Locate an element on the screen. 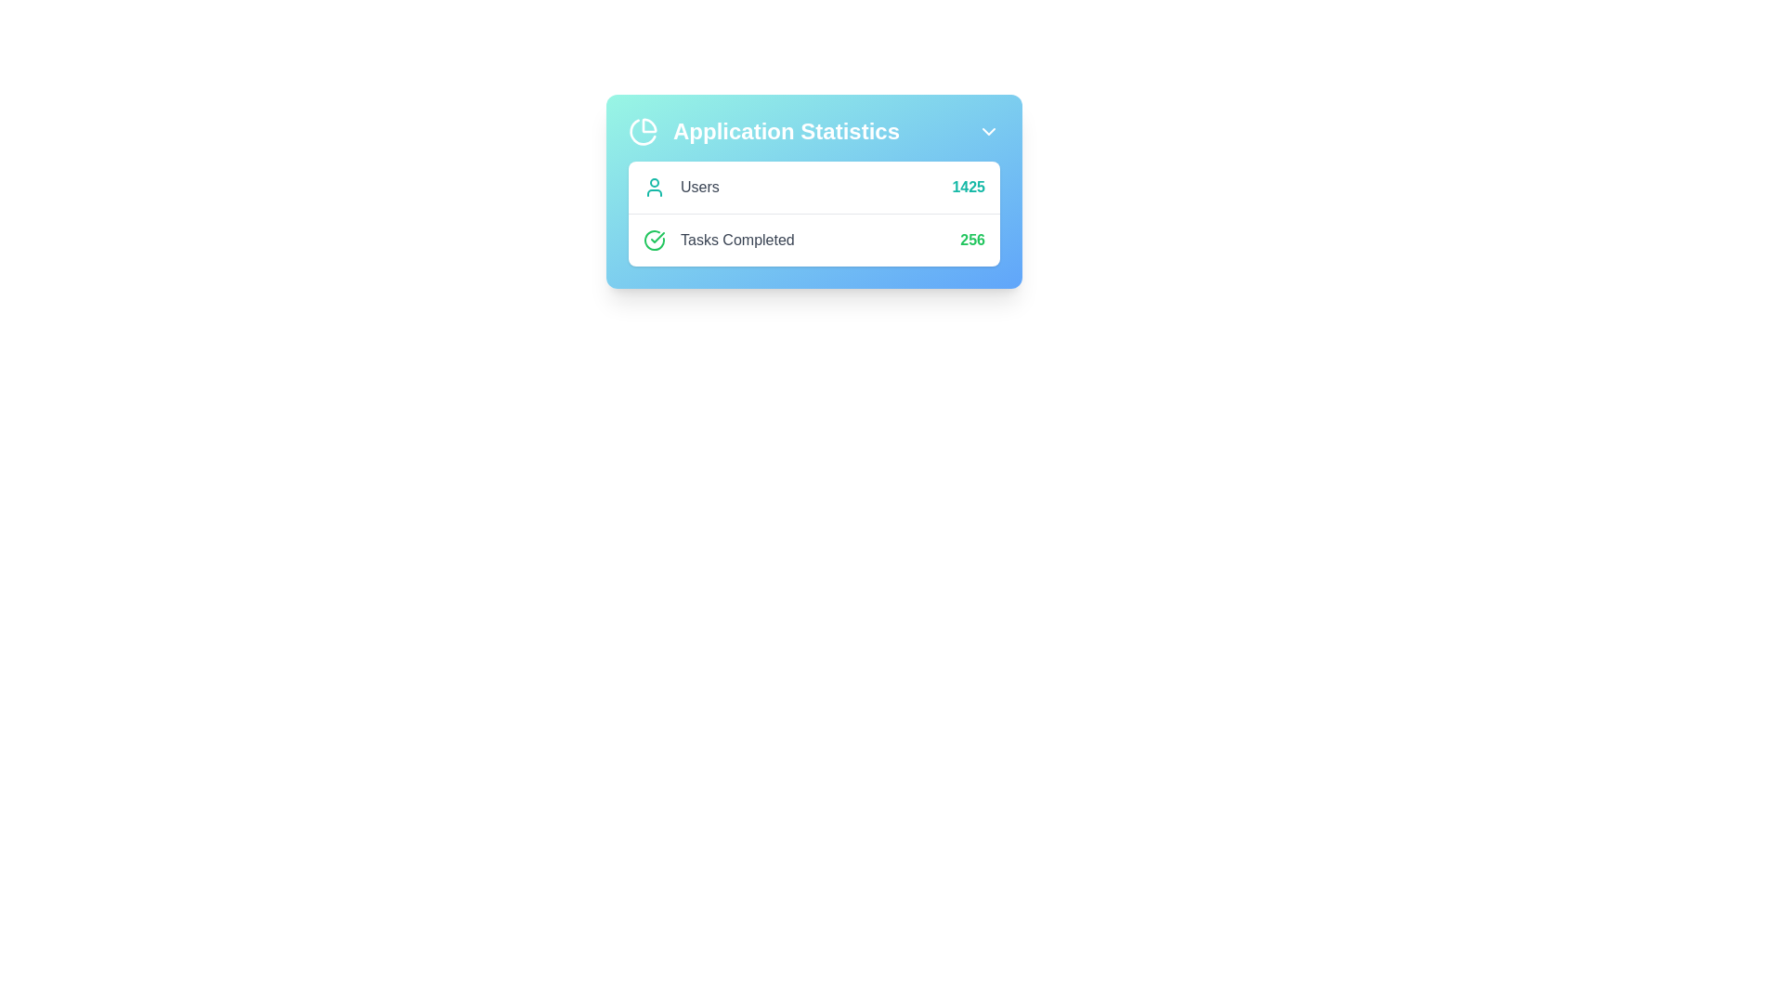 The image size is (1783, 1003). numeric value displayed in the bold green text label showing '256', which is positioned at the end of the row labeled 'Tasks Completed' is located at coordinates (971, 239).